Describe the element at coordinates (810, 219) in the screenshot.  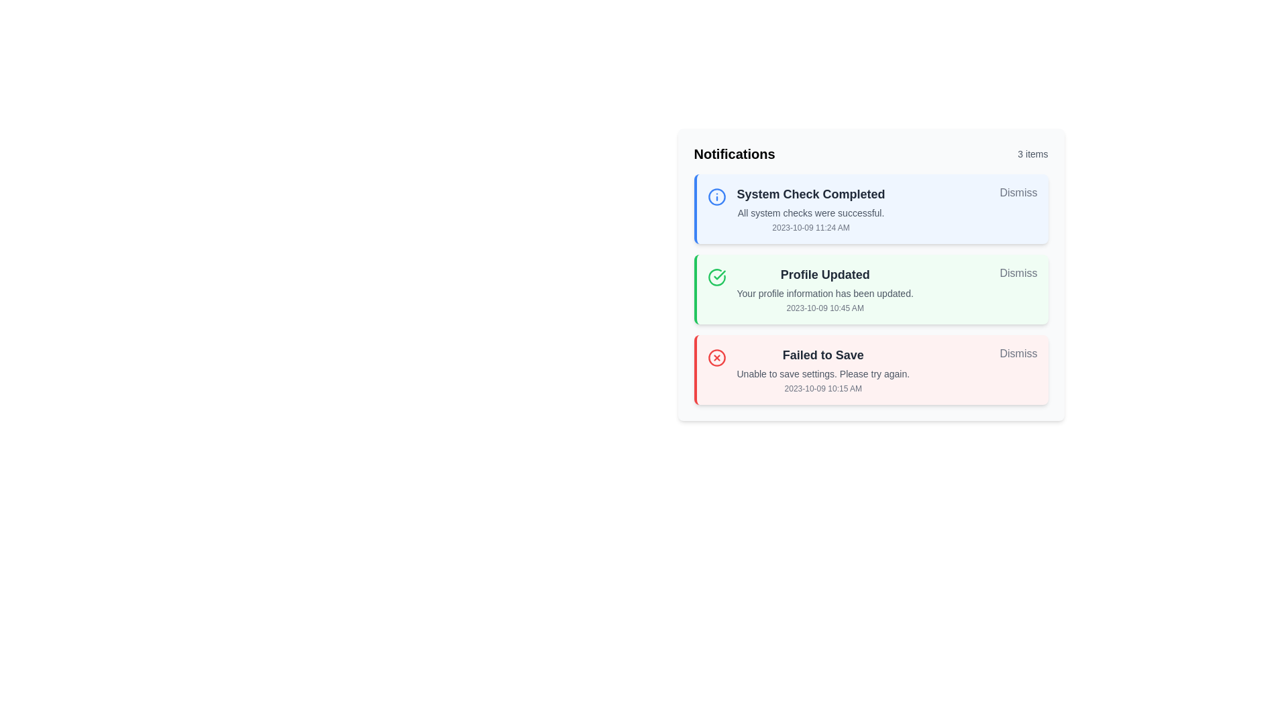
I see `the informational text block that provides an update about the successful completion of system checks, located below 'System Check Completed'` at that location.